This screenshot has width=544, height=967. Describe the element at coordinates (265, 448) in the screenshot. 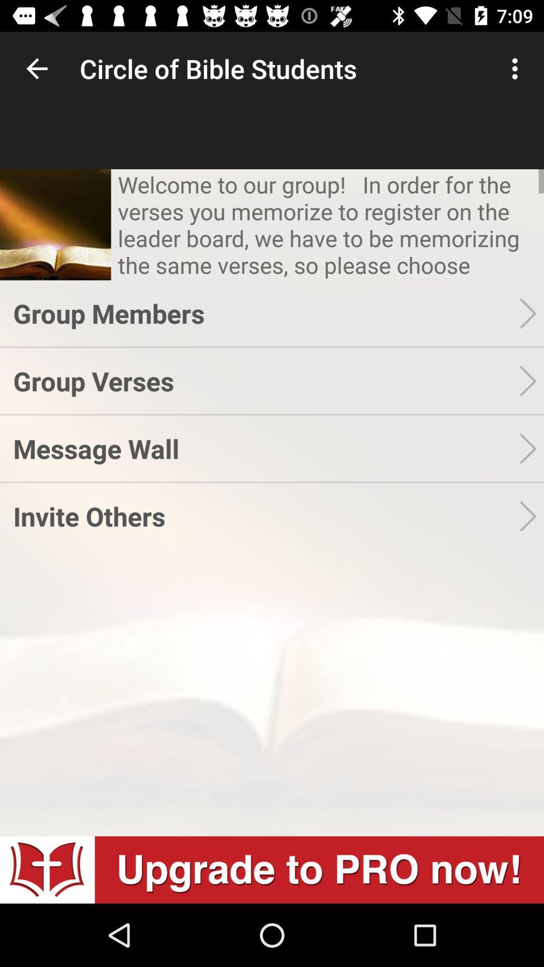

I see `message wall item` at that location.